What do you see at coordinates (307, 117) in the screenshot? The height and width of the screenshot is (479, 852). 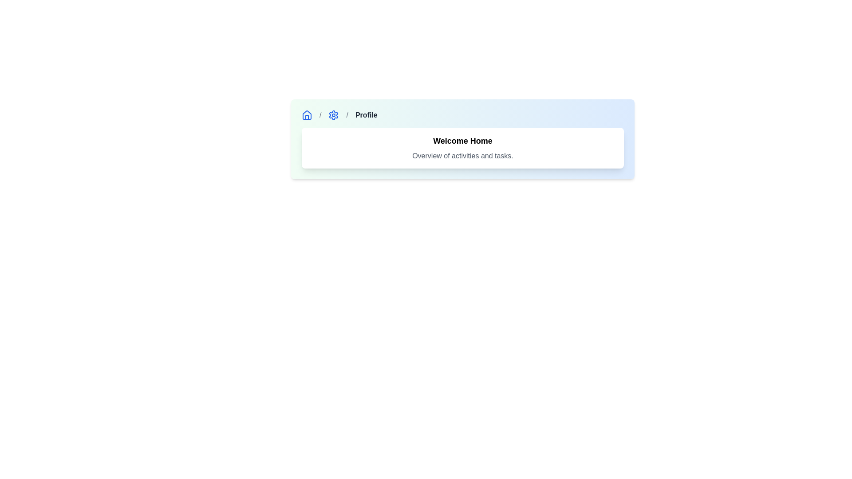 I see `the visual representation of the lower section of the house icon within the SVG element, which is part of the breadcrumb navigation bar` at bounding box center [307, 117].